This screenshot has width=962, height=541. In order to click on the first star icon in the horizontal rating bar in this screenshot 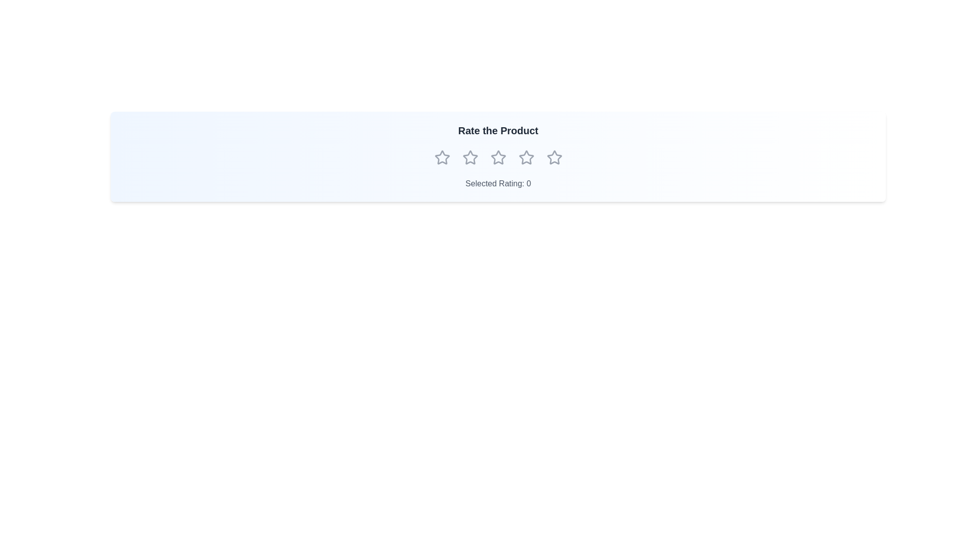, I will do `click(441, 158)`.